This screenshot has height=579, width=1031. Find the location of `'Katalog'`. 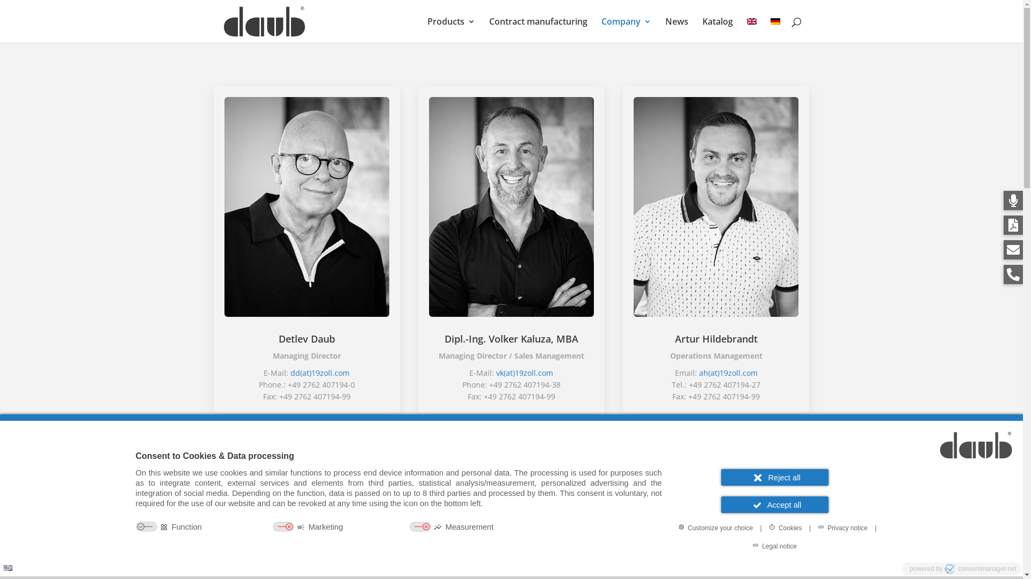

'Katalog' is located at coordinates (717, 29).